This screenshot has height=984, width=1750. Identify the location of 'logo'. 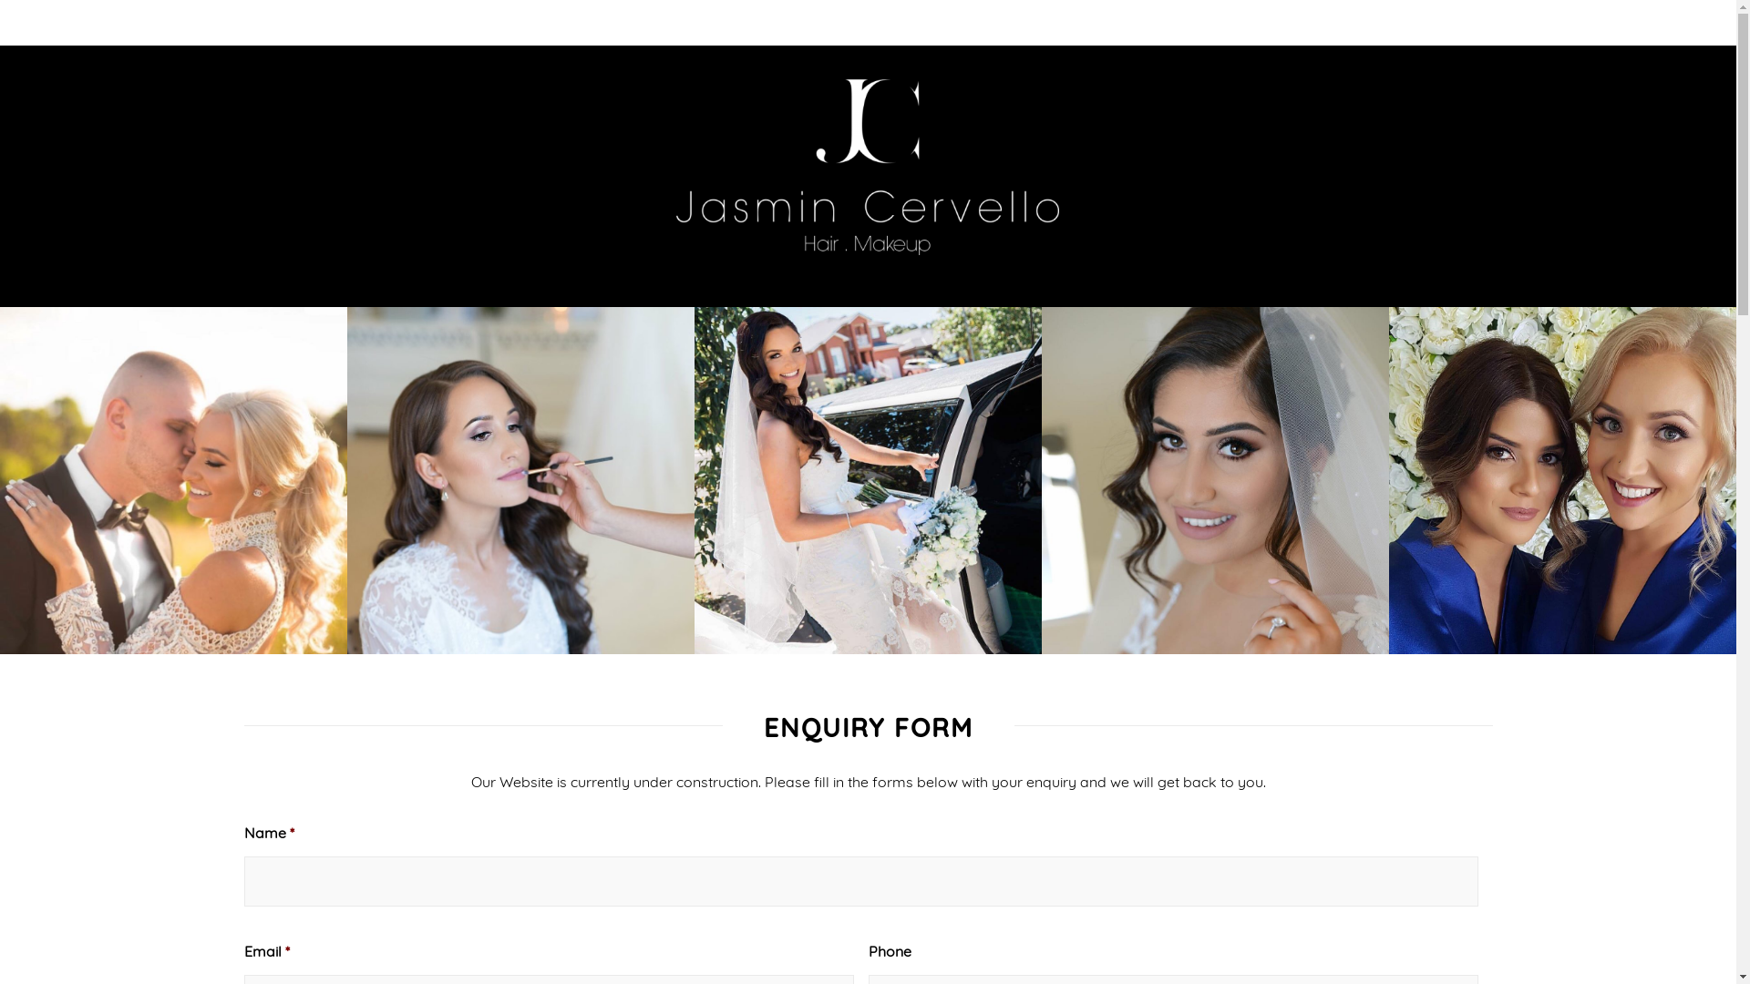
(866, 167).